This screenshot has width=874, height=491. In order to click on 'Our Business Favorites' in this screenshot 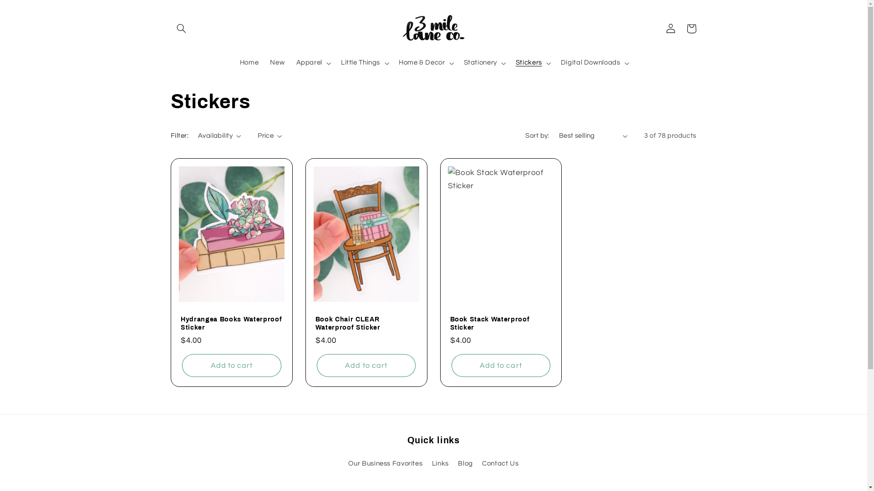, I will do `click(347, 465)`.